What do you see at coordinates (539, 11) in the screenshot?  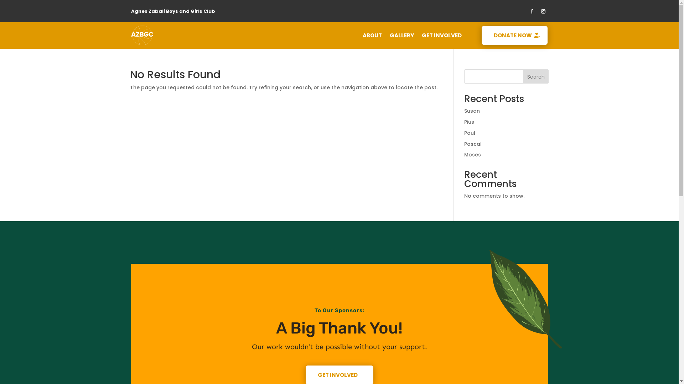 I see `'Follow on Instagram'` at bounding box center [539, 11].